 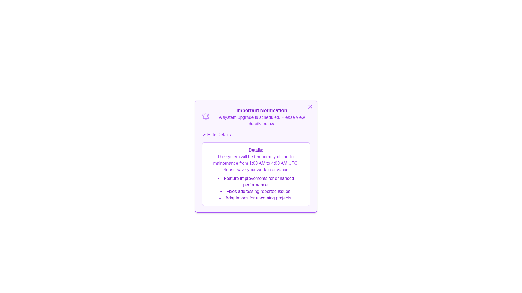 What do you see at coordinates (310, 107) in the screenshot?
I see `close button to dismiss the alert` at bounding box center [310, 107].